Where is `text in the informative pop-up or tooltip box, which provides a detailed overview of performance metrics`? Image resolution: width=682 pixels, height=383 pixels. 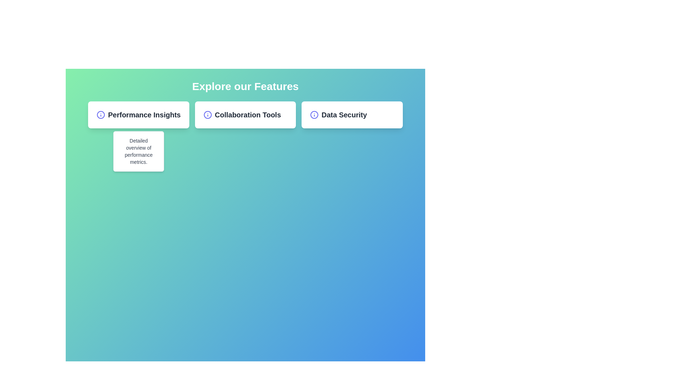
text in the informative pop-up or tooltip box, which provides a detailed overview of performance metrics is located at coordinates (139, 151).